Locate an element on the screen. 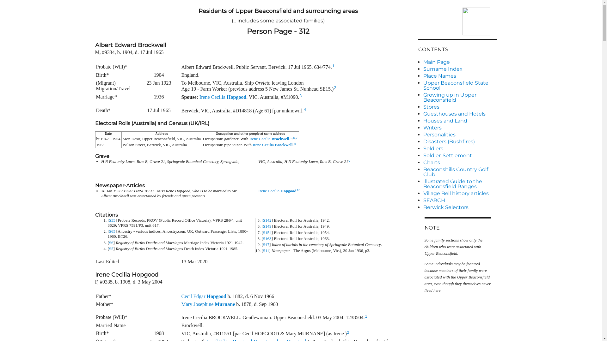  'Soldier-Settlement' is located at coordinates (460, 156).